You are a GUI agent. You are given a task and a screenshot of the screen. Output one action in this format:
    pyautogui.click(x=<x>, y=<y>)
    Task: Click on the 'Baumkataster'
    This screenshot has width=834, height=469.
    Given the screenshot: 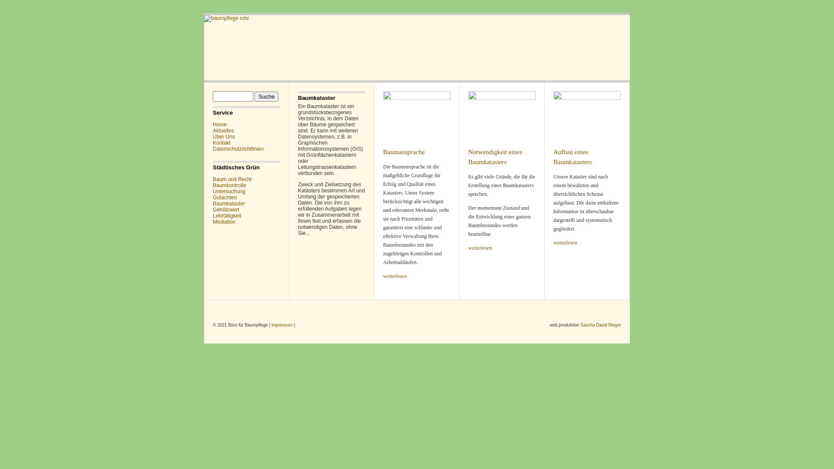 What is the action you would take?
    pyautogui.click(x=229, y=204)
    